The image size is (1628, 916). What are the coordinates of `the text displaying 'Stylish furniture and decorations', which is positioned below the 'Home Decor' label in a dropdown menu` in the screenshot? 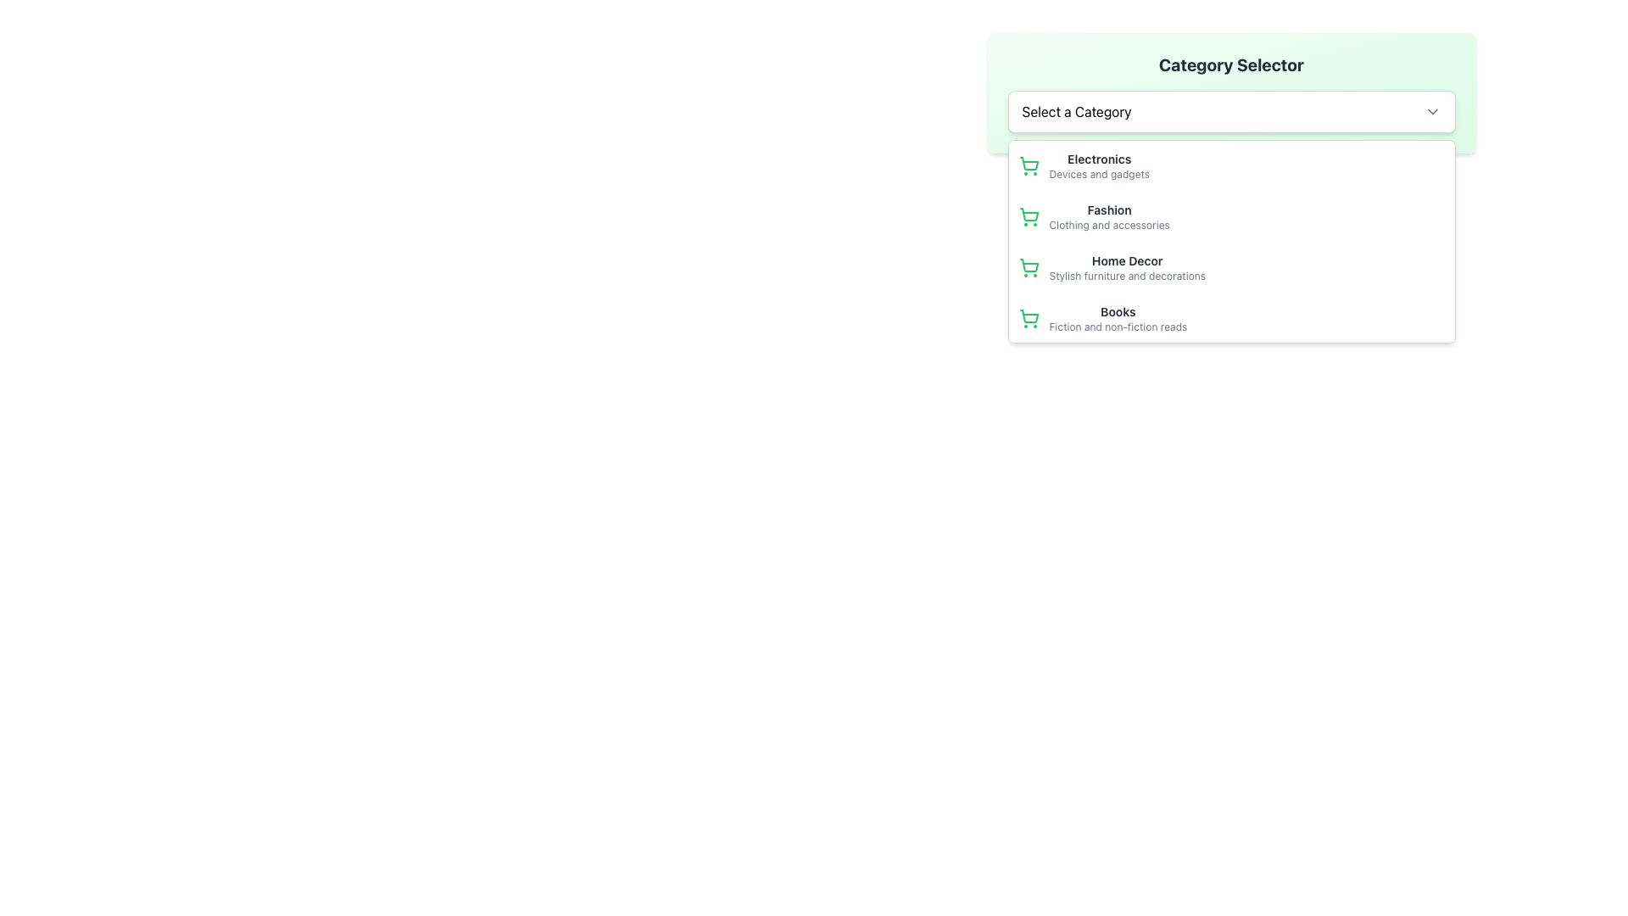 It's located at (1127, 276).